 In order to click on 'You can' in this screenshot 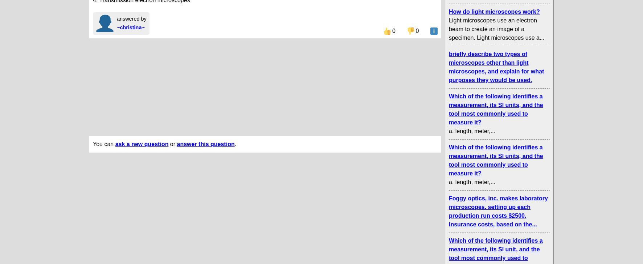, I will do `click(103, 143)`.